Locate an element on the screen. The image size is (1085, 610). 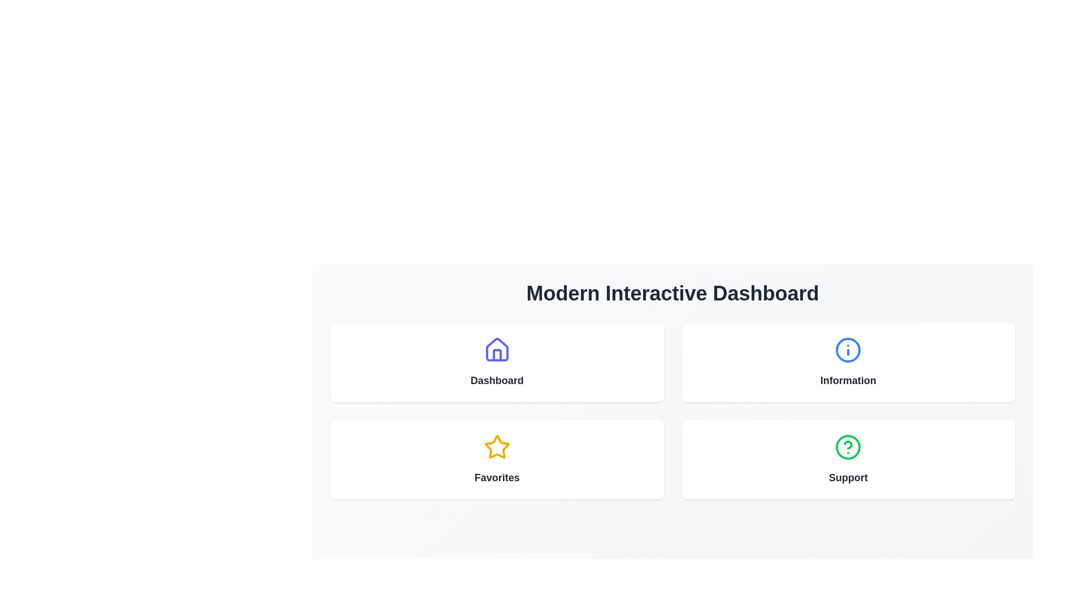
the house-shaped icon with a blue outline is located at coordinates (497, 350).